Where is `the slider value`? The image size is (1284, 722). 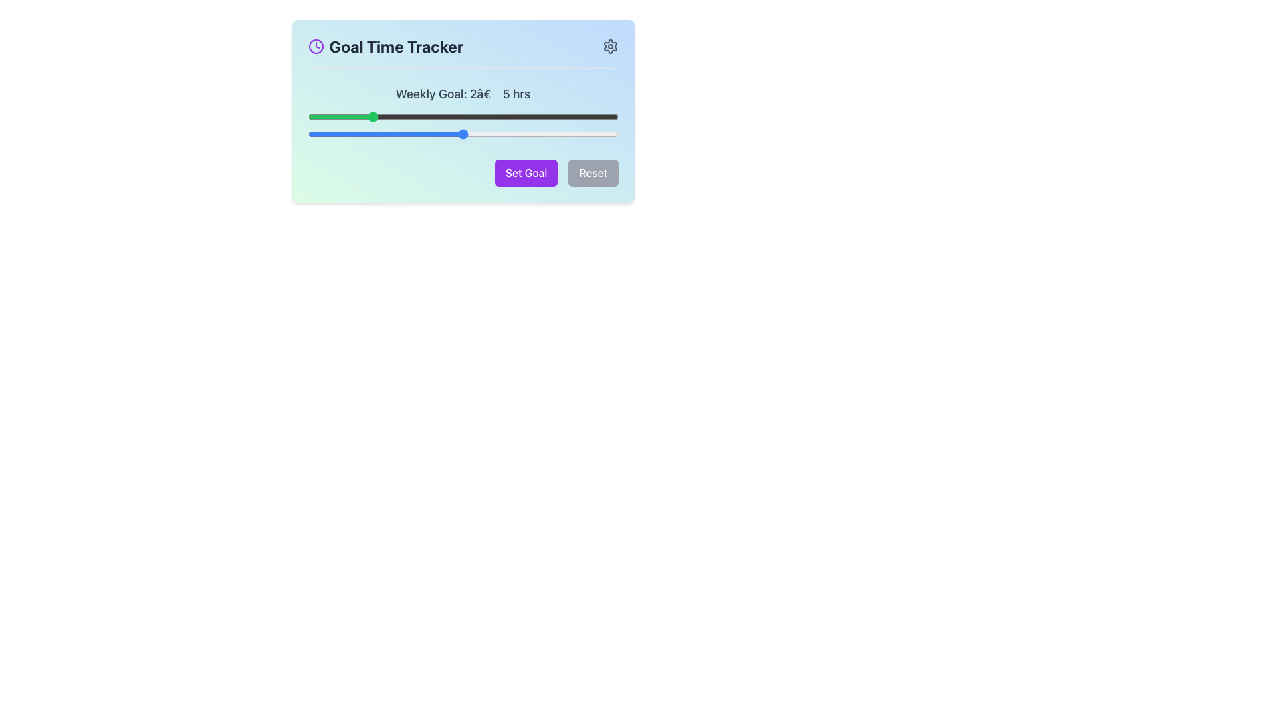
the slider value is located at coordinates (370, 134).